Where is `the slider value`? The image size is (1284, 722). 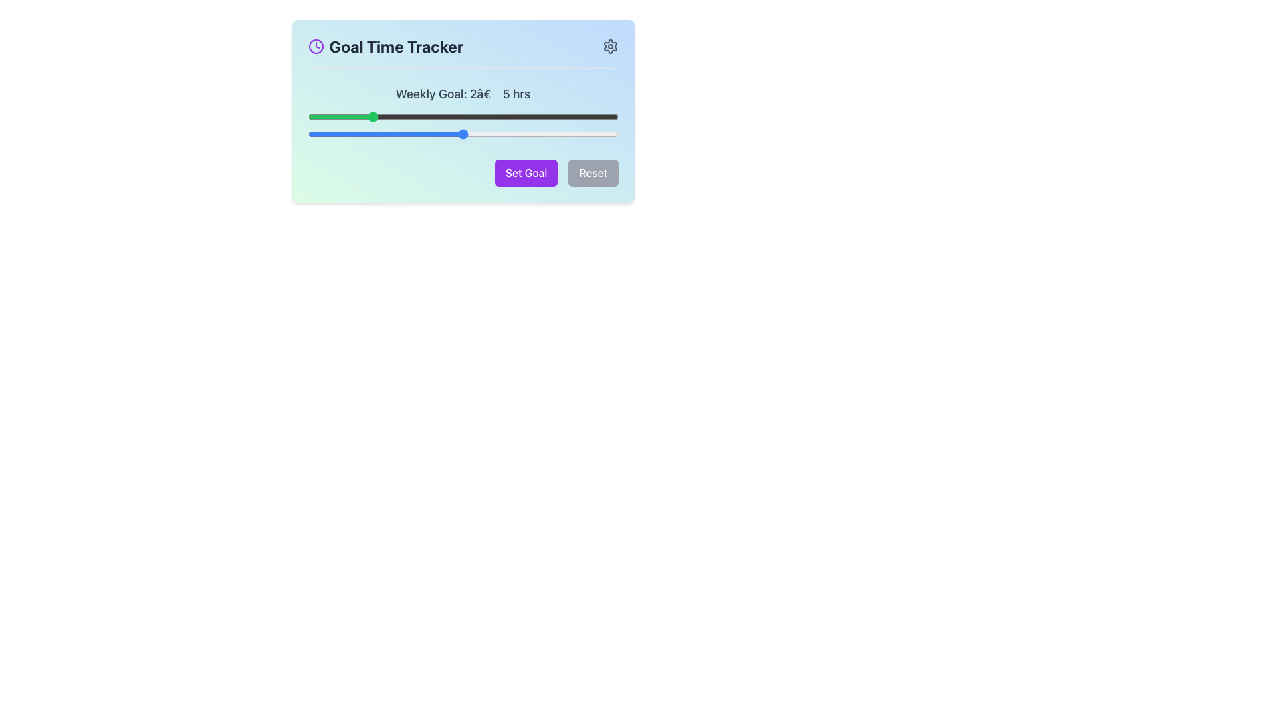
the slider value is located at coordinates (370, 134).